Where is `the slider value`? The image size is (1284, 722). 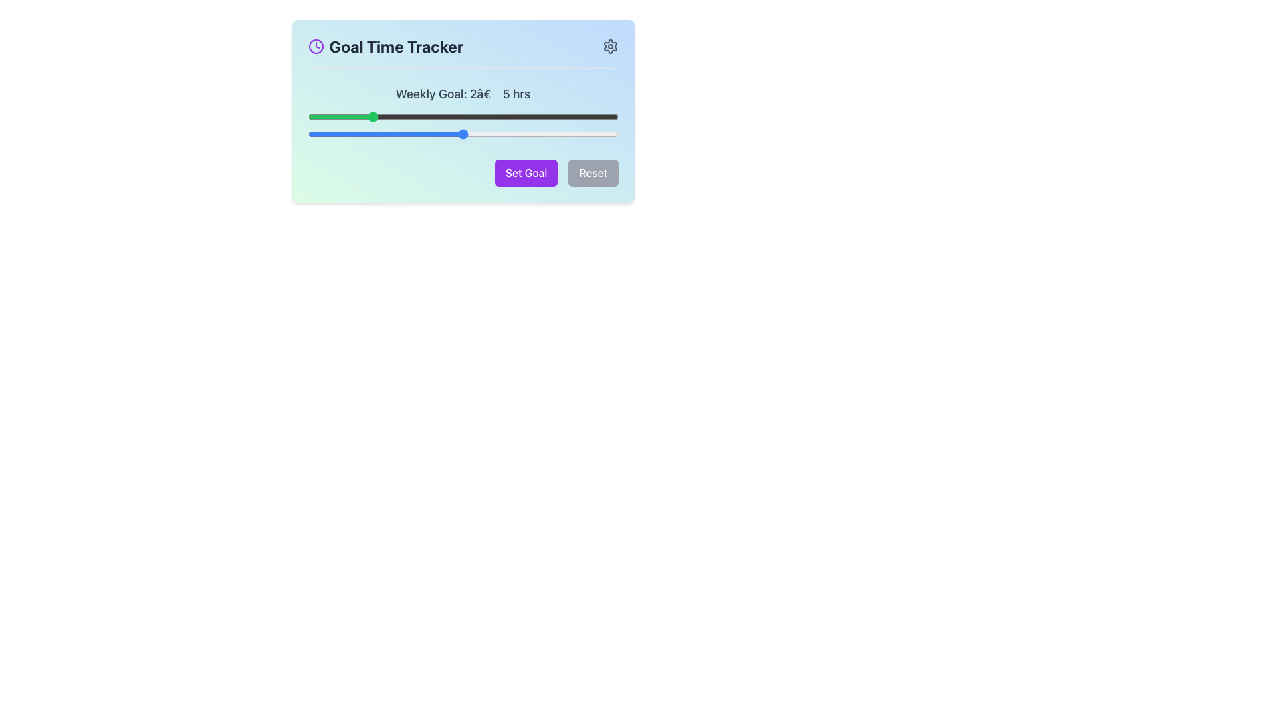
the slider value is located at coordinates (370, 134).